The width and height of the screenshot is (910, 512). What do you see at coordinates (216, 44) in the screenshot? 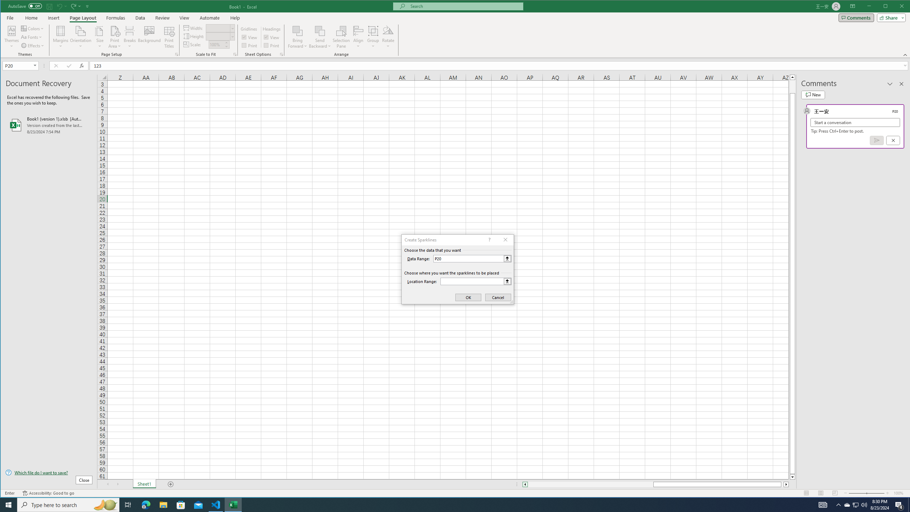
I see `'Scale'` at bounding box center [216, 44].